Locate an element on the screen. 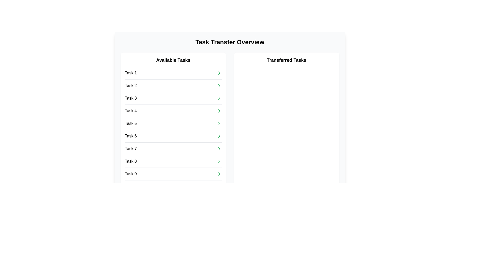 The width and height of the screenshot is (494, 278). the arrow of the list item 'Task 8' is located at coordinates (173, 161).